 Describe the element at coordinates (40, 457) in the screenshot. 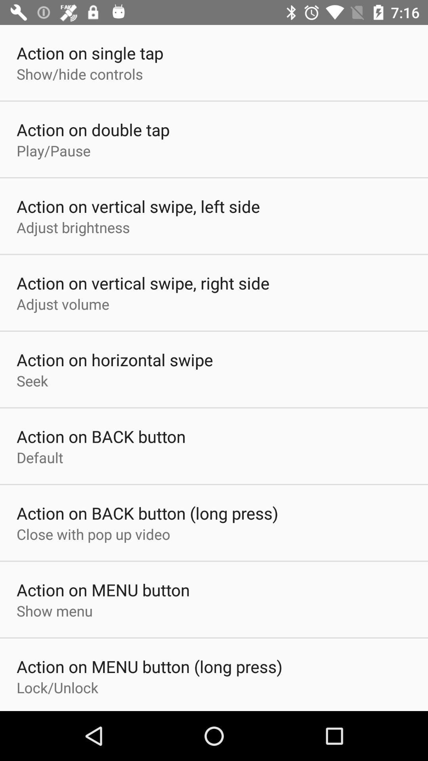

I see `default` at that location.